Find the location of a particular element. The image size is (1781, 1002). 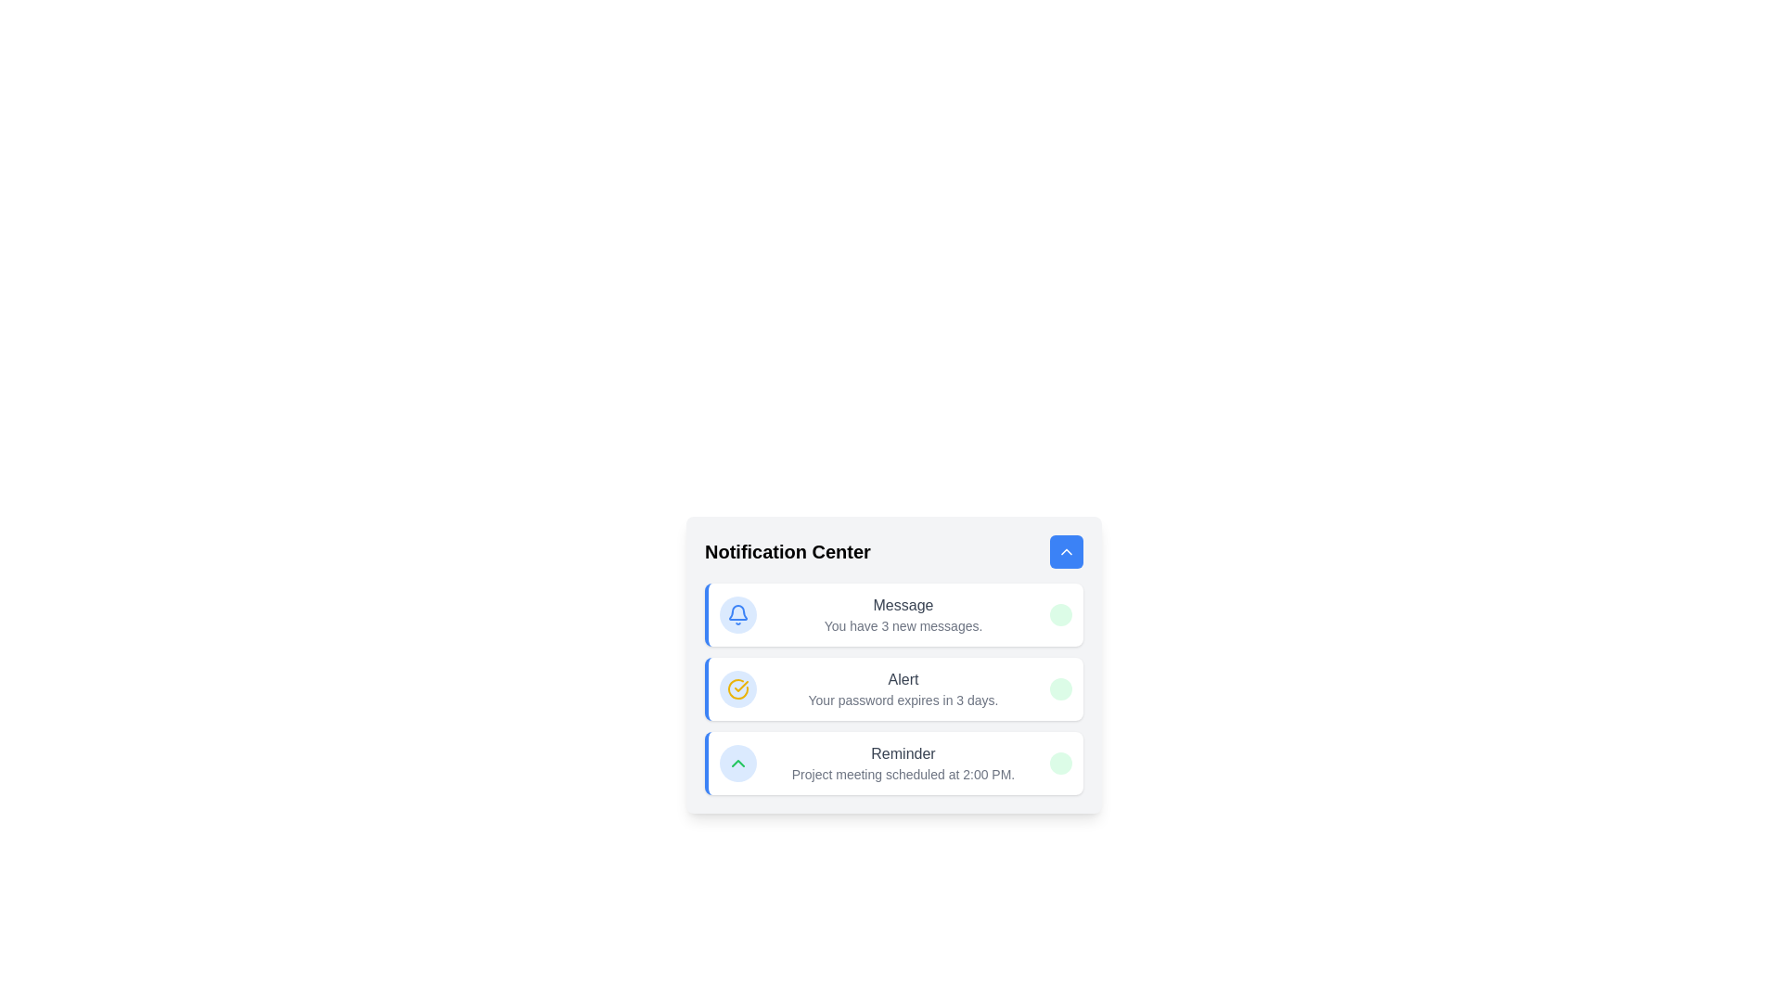

information displayed in the text block containing 'Alert' and 'Your password expires in 3 days.' located in the notification center, specifically the second notification item under 'Message' is located at coordinates (903, 689).